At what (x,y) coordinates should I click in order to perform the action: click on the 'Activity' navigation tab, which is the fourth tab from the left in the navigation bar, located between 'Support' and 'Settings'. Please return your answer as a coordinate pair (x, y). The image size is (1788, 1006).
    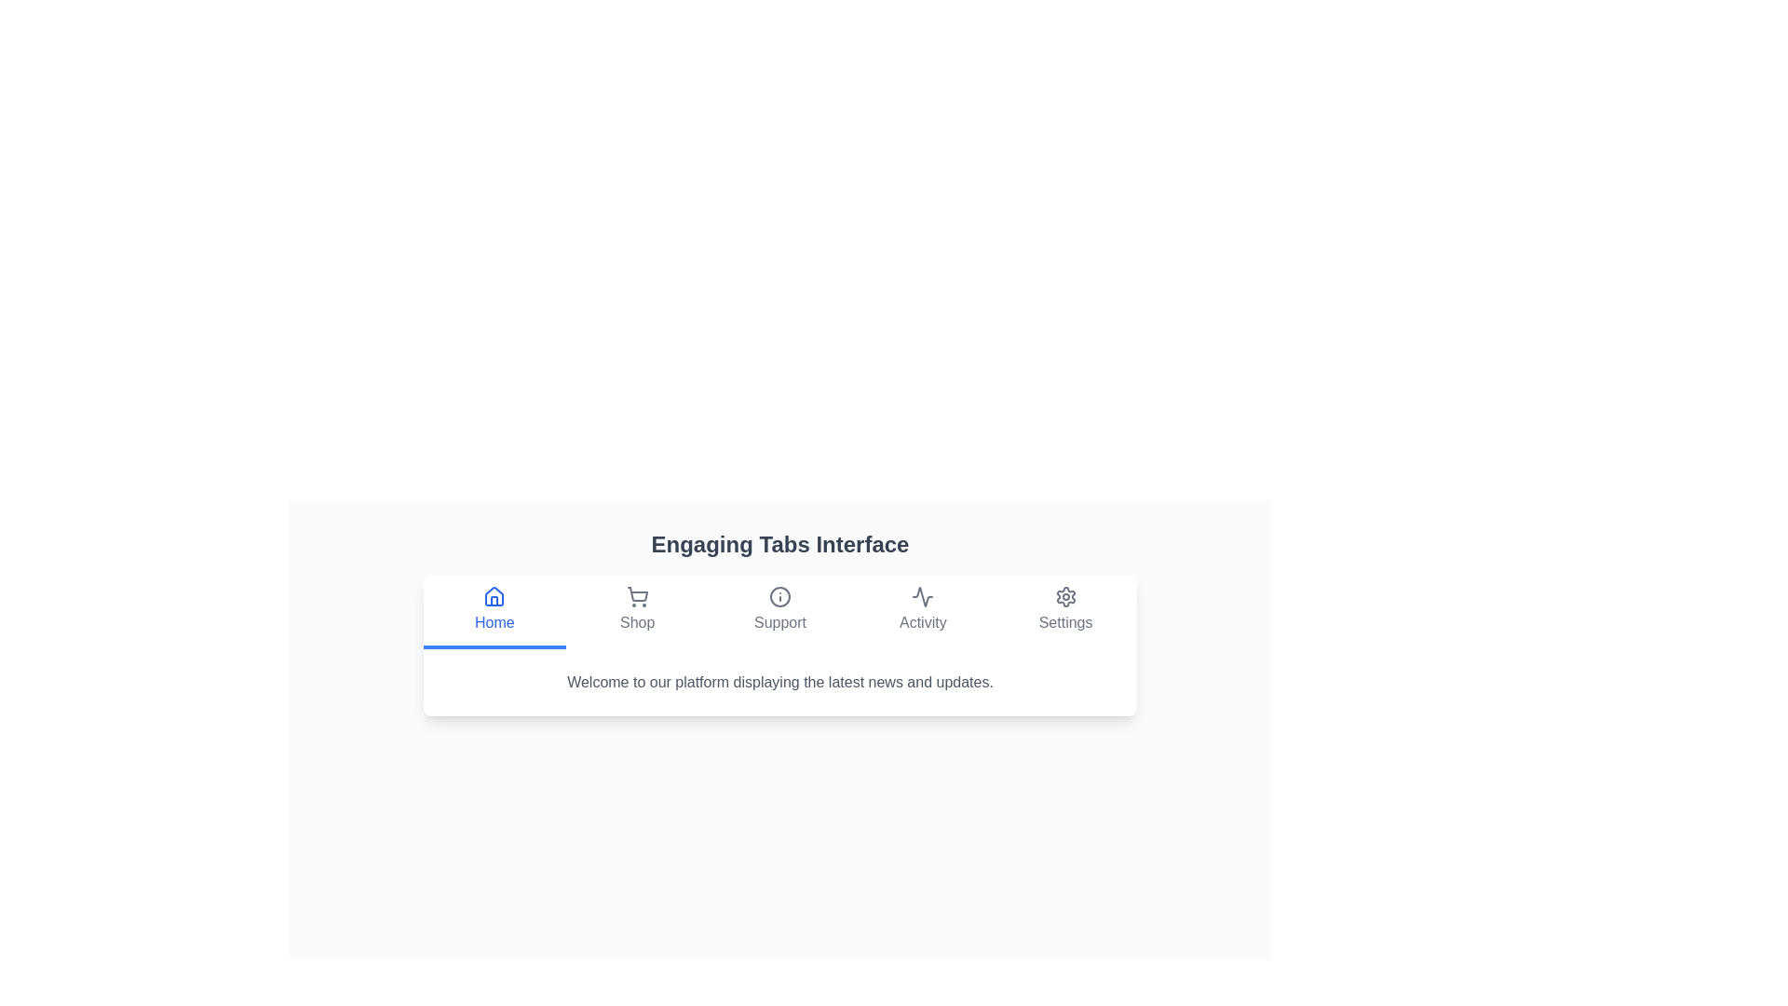
    Looking at the image, I should click on (923, 611).